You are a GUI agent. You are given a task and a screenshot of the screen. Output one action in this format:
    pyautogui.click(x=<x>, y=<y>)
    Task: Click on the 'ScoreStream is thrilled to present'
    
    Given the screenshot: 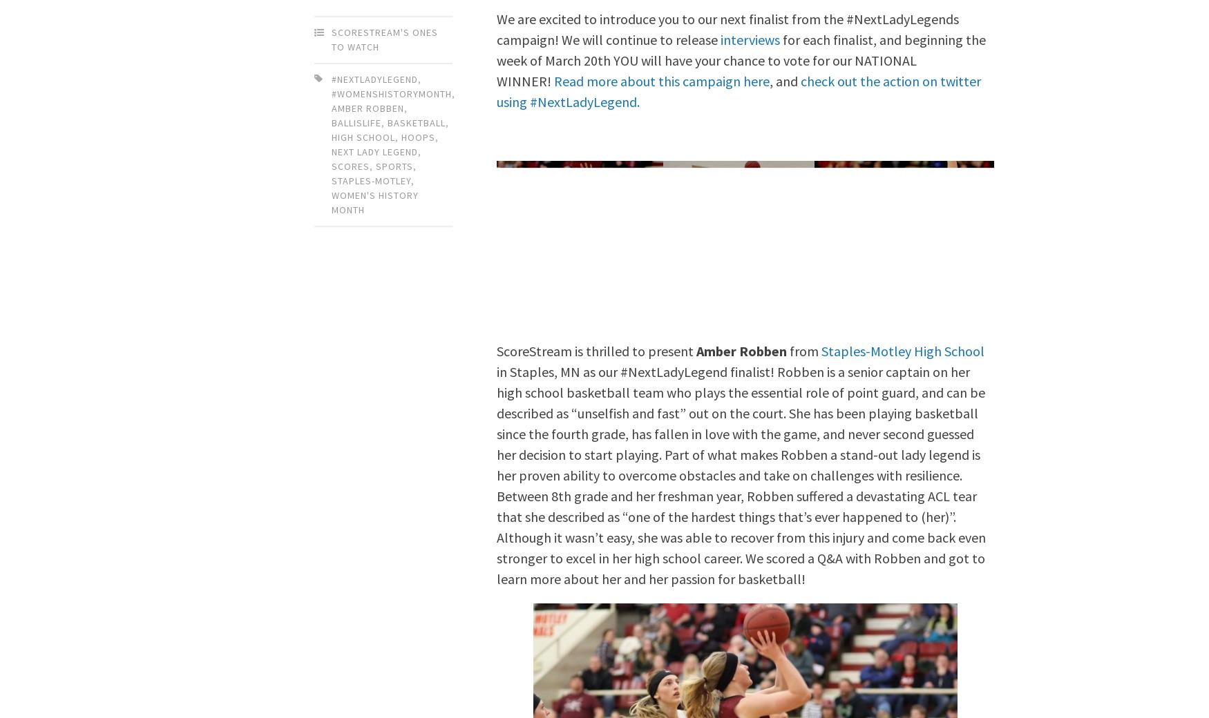 What is the action you would take?
    pyautogui.click(x=596, y=350)
    